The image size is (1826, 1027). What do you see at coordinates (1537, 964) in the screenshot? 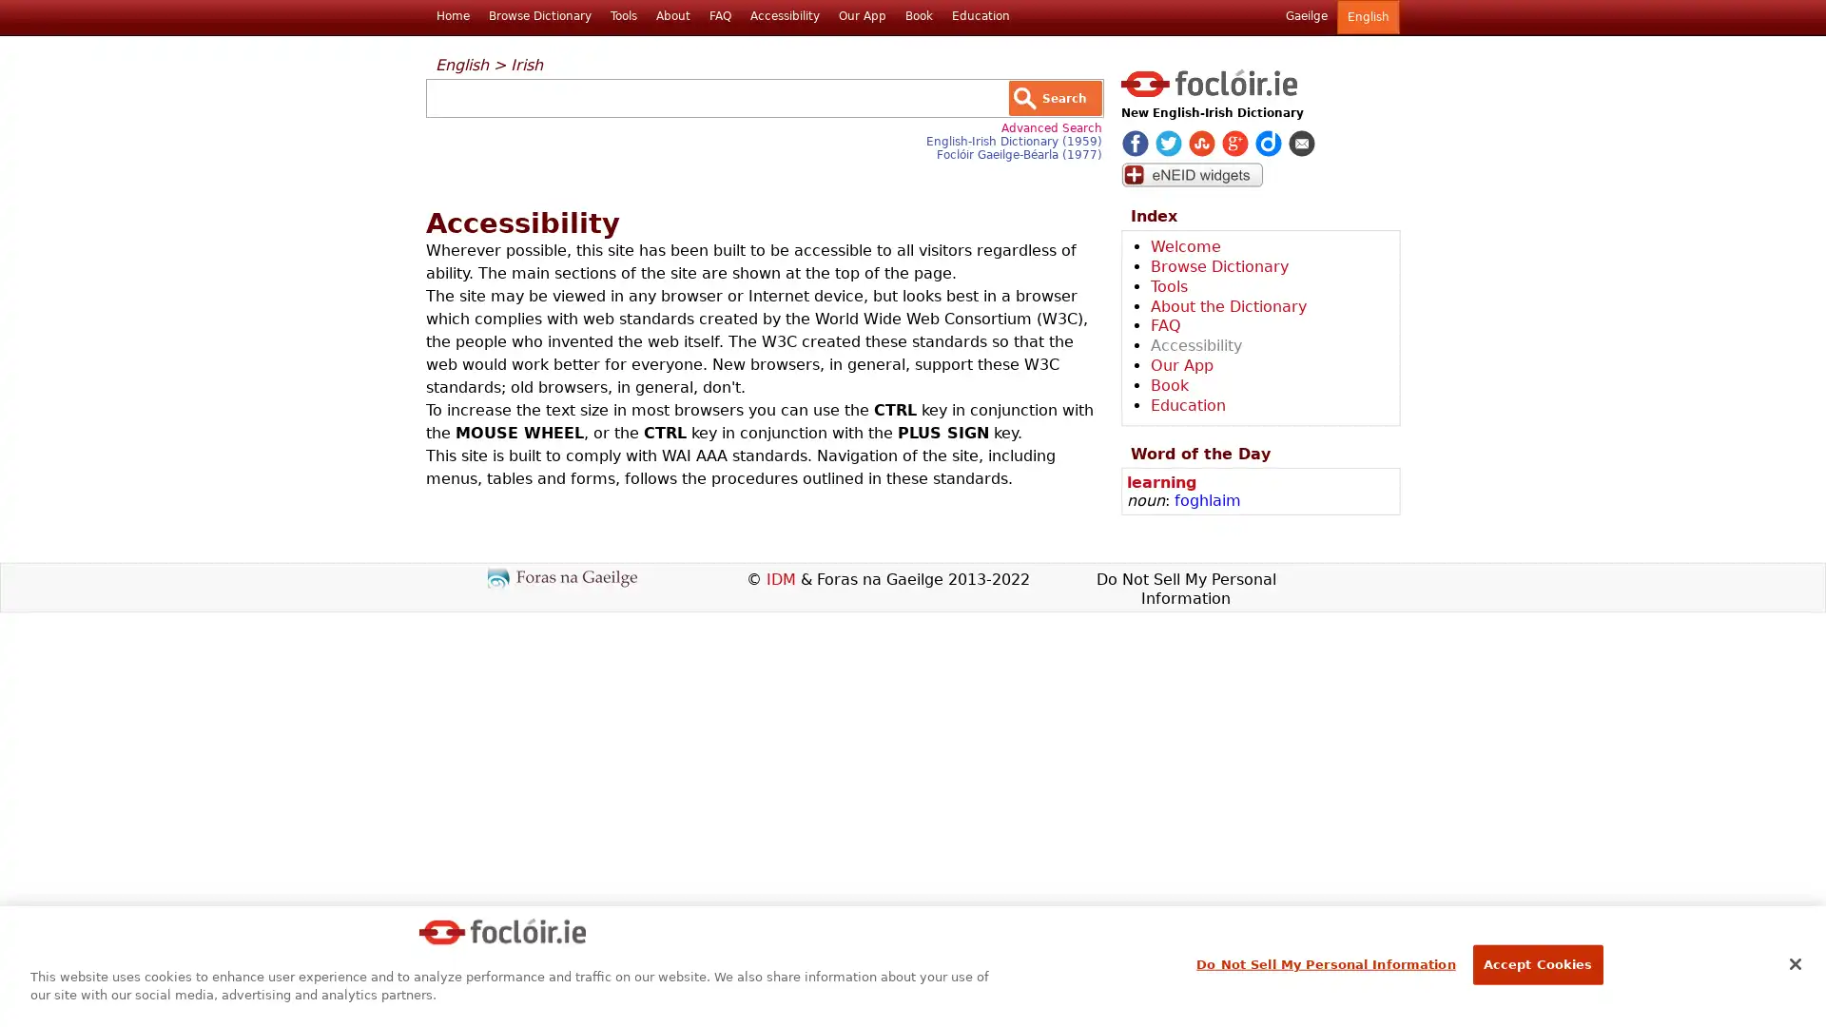
I see `Accept Cookies` at bounding box center [1537, 964].